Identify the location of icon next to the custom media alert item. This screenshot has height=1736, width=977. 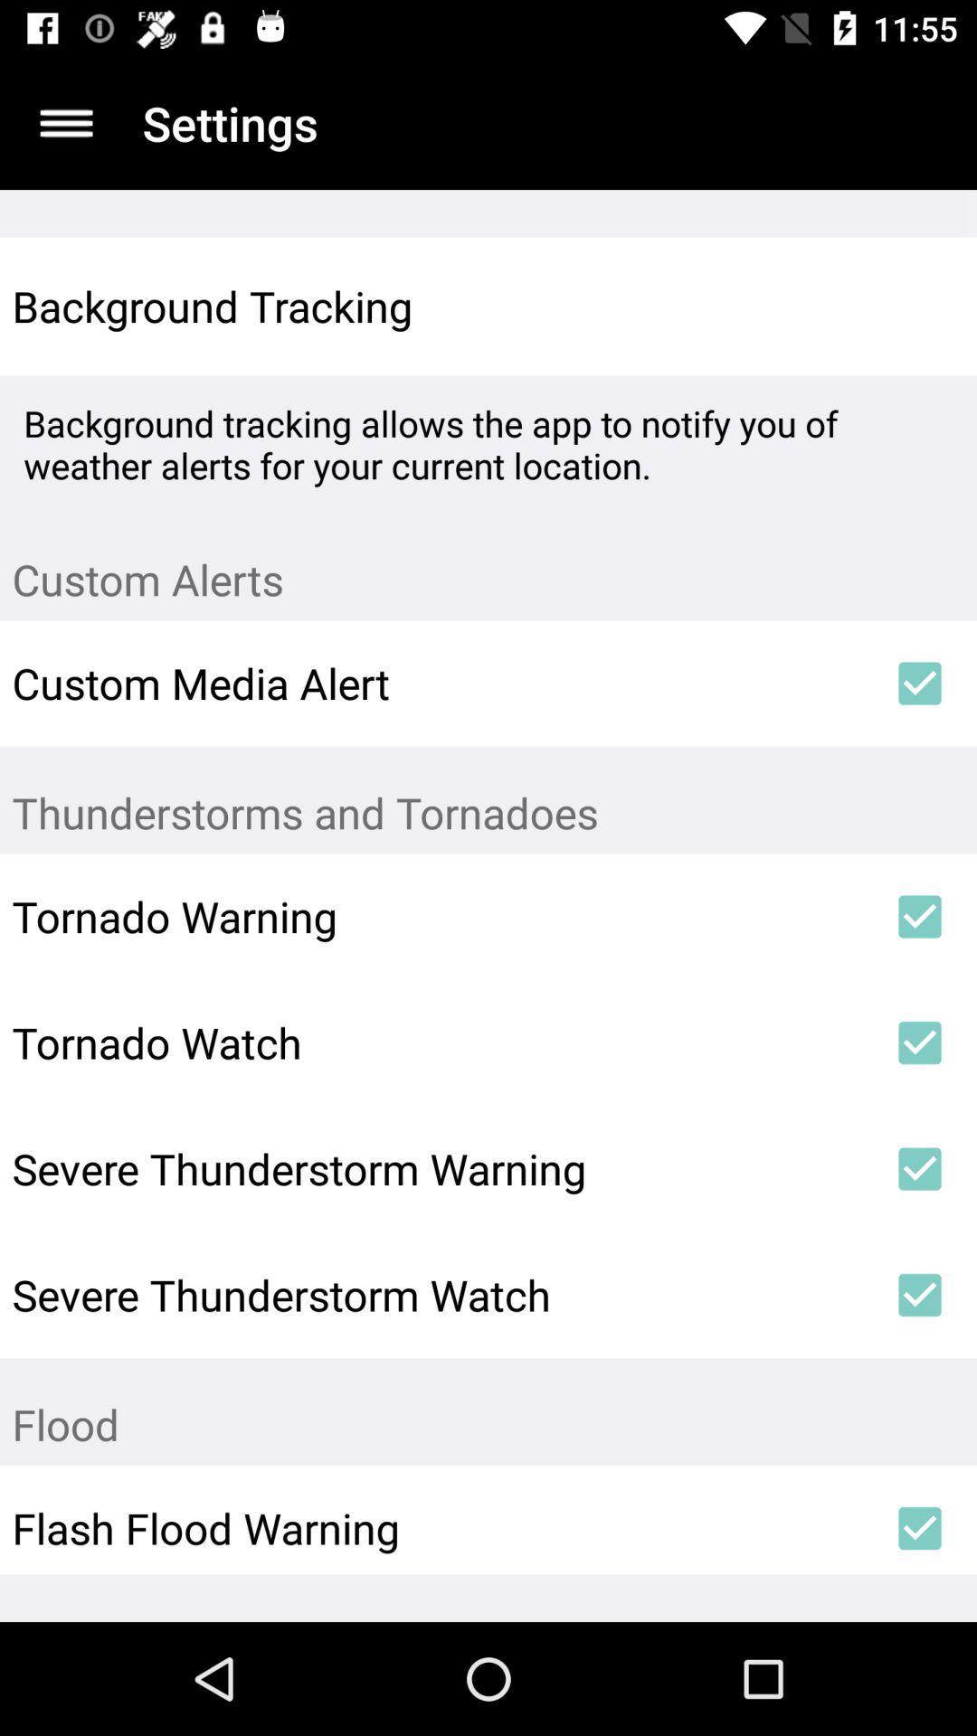
(920, 682).